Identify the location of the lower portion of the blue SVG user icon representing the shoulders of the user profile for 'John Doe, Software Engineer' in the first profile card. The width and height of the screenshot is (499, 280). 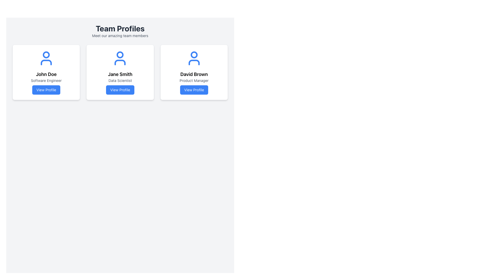
(46, 62).